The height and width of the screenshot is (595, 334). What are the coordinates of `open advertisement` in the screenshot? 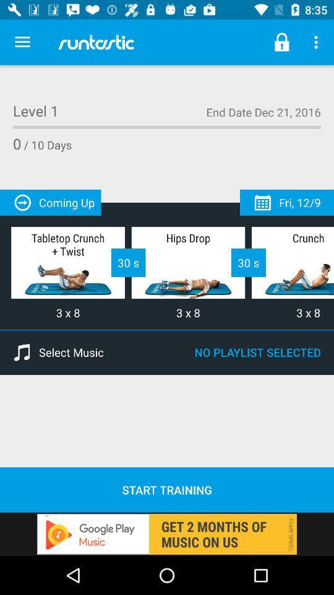 It's located at (167, 533).